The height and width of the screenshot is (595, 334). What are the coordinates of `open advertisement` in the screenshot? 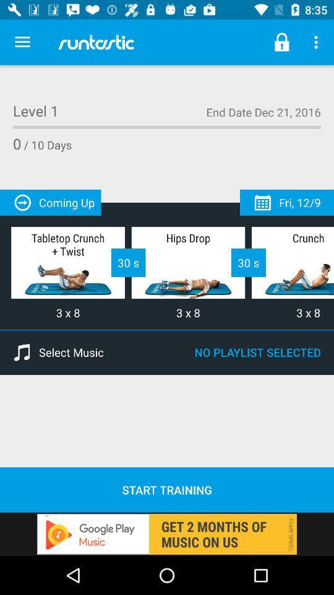 It's located at (167, 533).